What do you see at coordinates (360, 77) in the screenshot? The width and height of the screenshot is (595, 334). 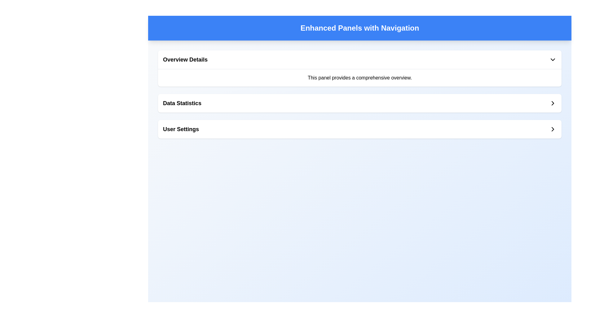 I see `text content of the Text block located within the 'Overview Details' section, which presents additional information about the section` at bounding box center [360, 77].